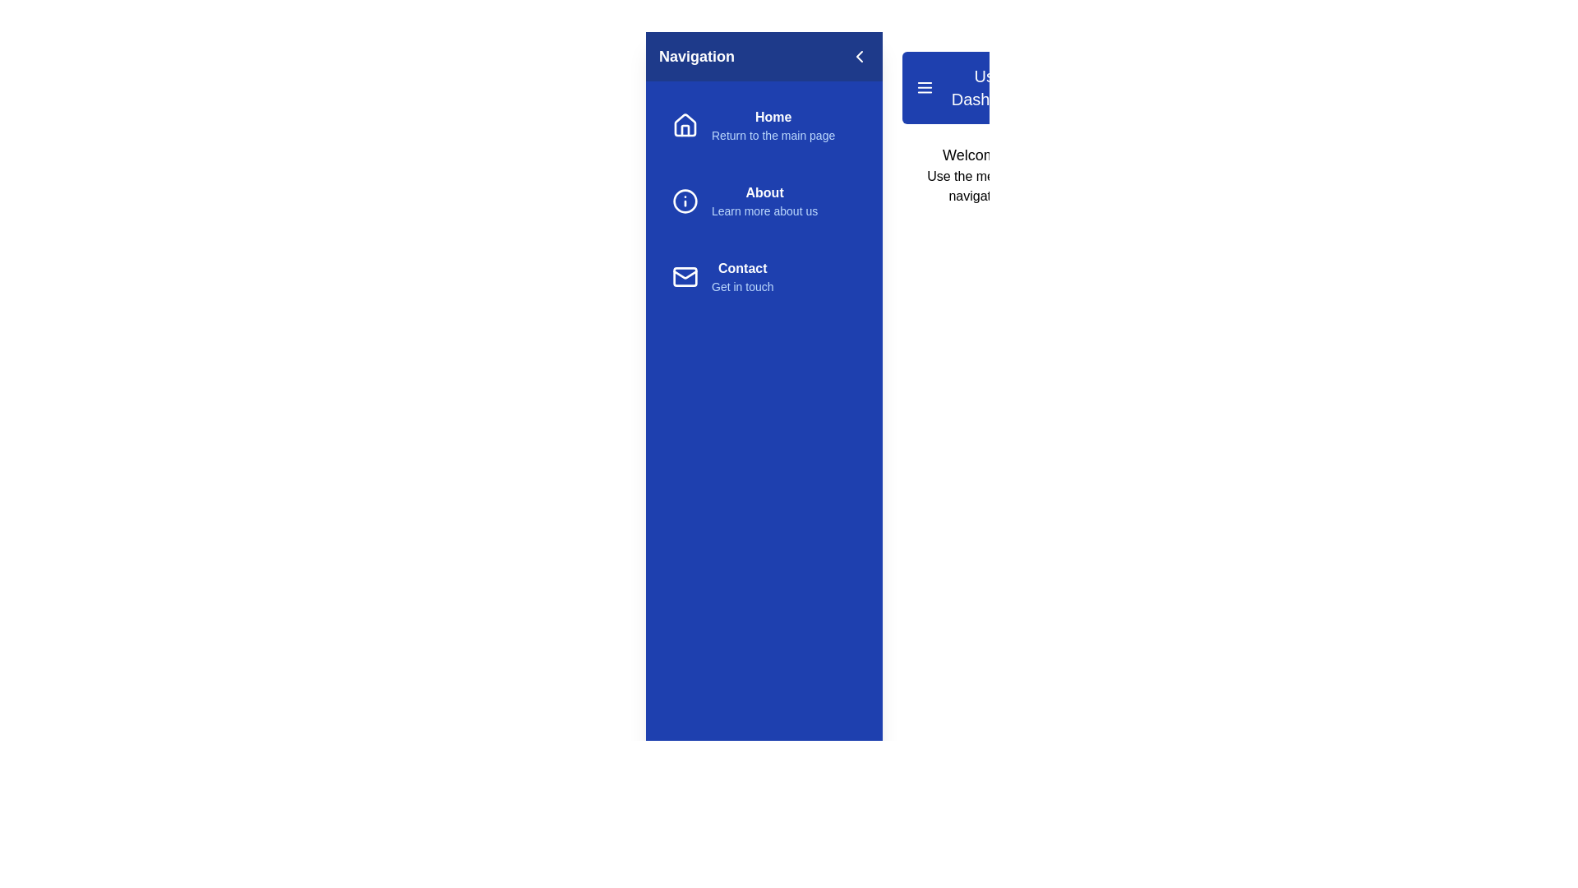 The width and height of the screenshot is (1578, 888). What do you see at coordinates (764, 125) in the screenshot?
I see `the navigation menu item Home` at bounding box center [764, 125].